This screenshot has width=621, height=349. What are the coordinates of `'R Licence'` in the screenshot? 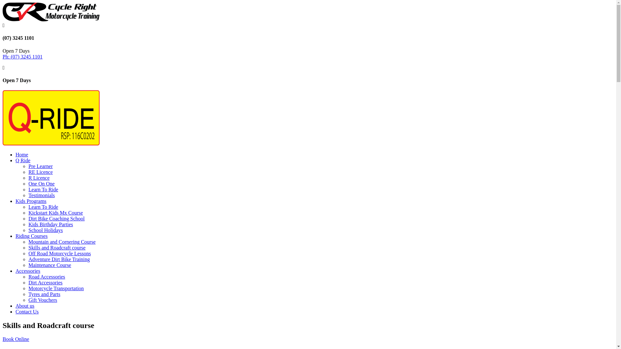 It's located at (28, 178).